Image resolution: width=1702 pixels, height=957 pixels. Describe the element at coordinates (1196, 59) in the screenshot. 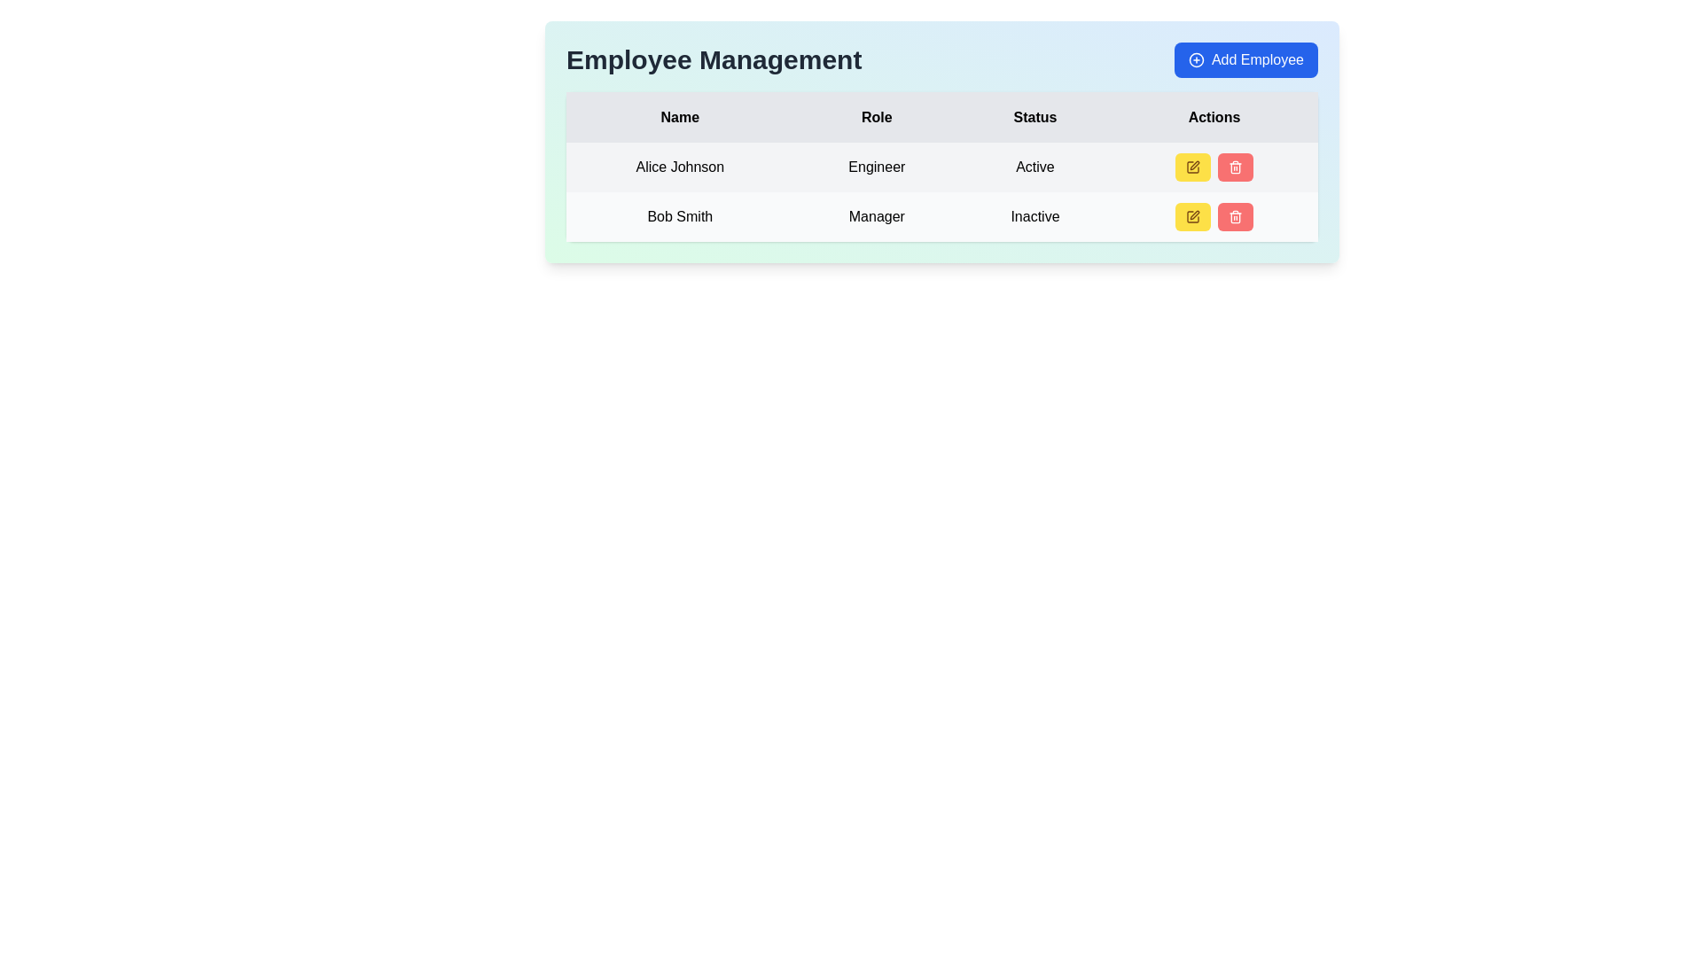

I see `the 'Add Employee' icon located within the button at the top-right corner of the interface, which visually indicates the addition of new items` at that location.